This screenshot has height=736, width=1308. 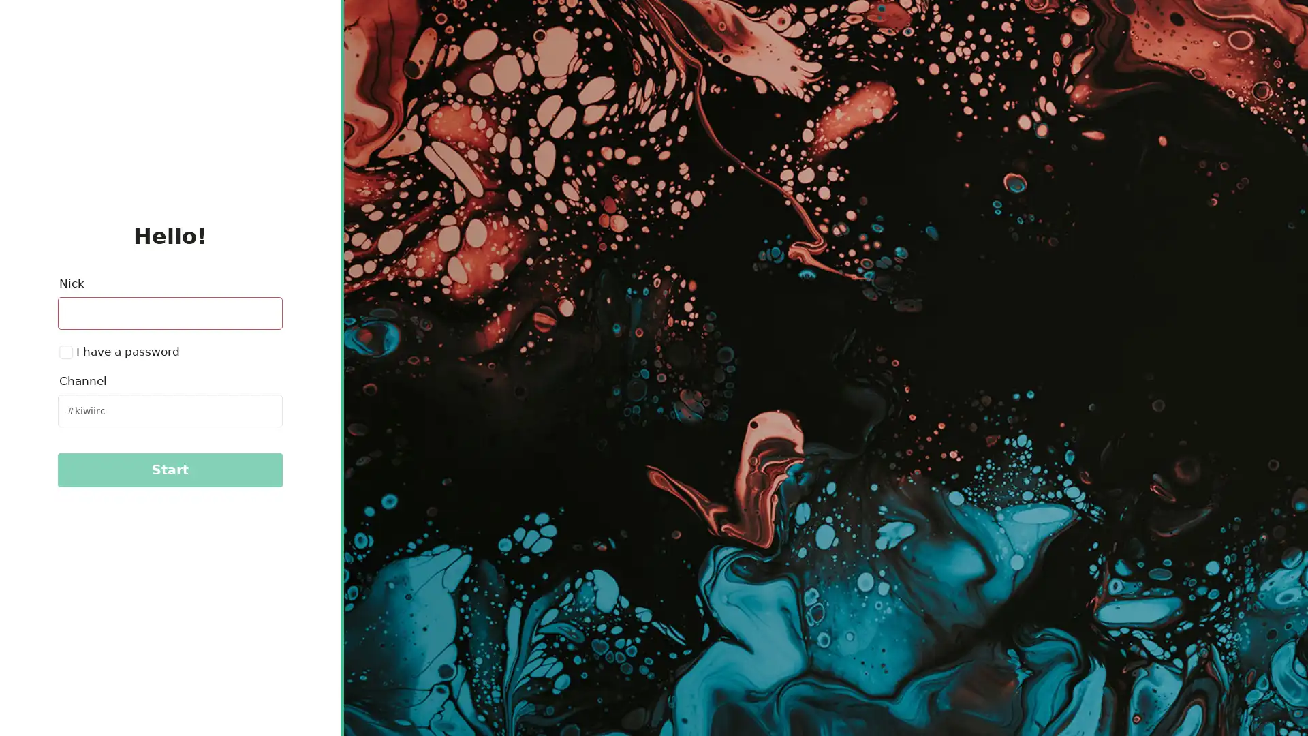 I want to click on Start, so click(x=169, y=469).